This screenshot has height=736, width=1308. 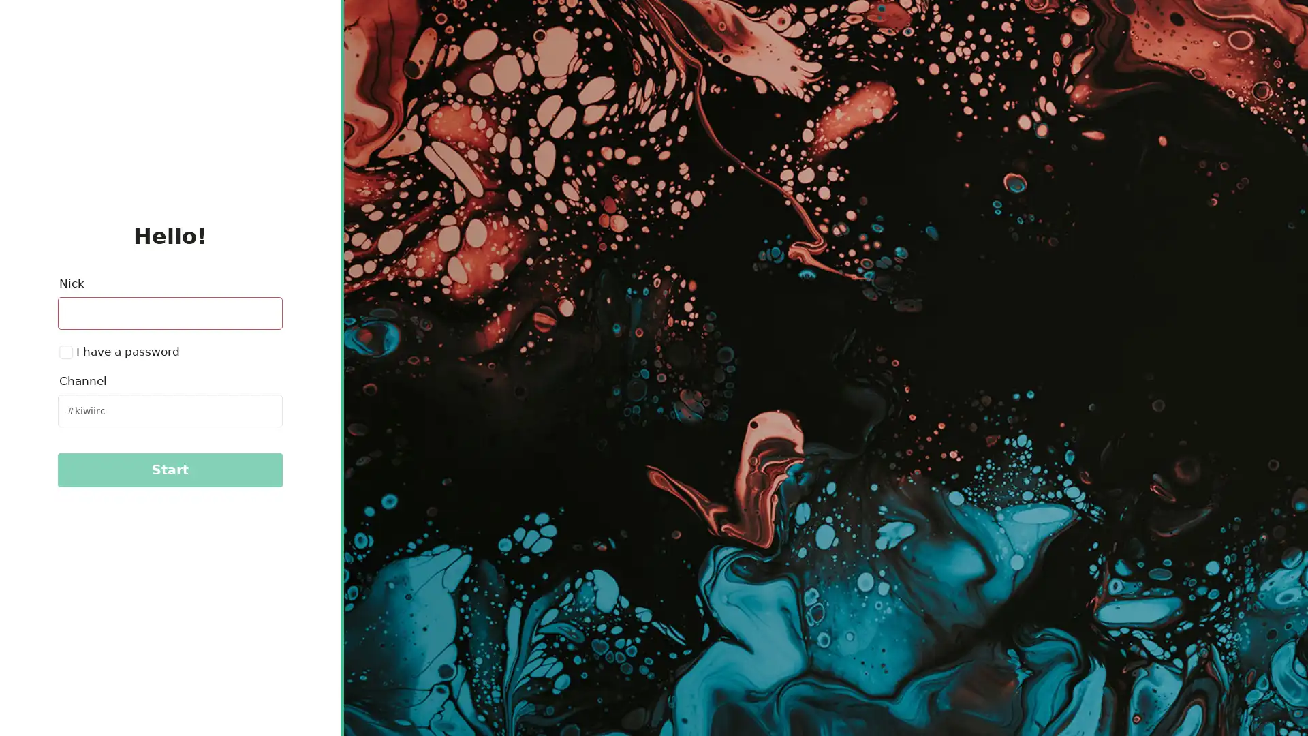 I want to click on Start, so click(x=169, y=469).